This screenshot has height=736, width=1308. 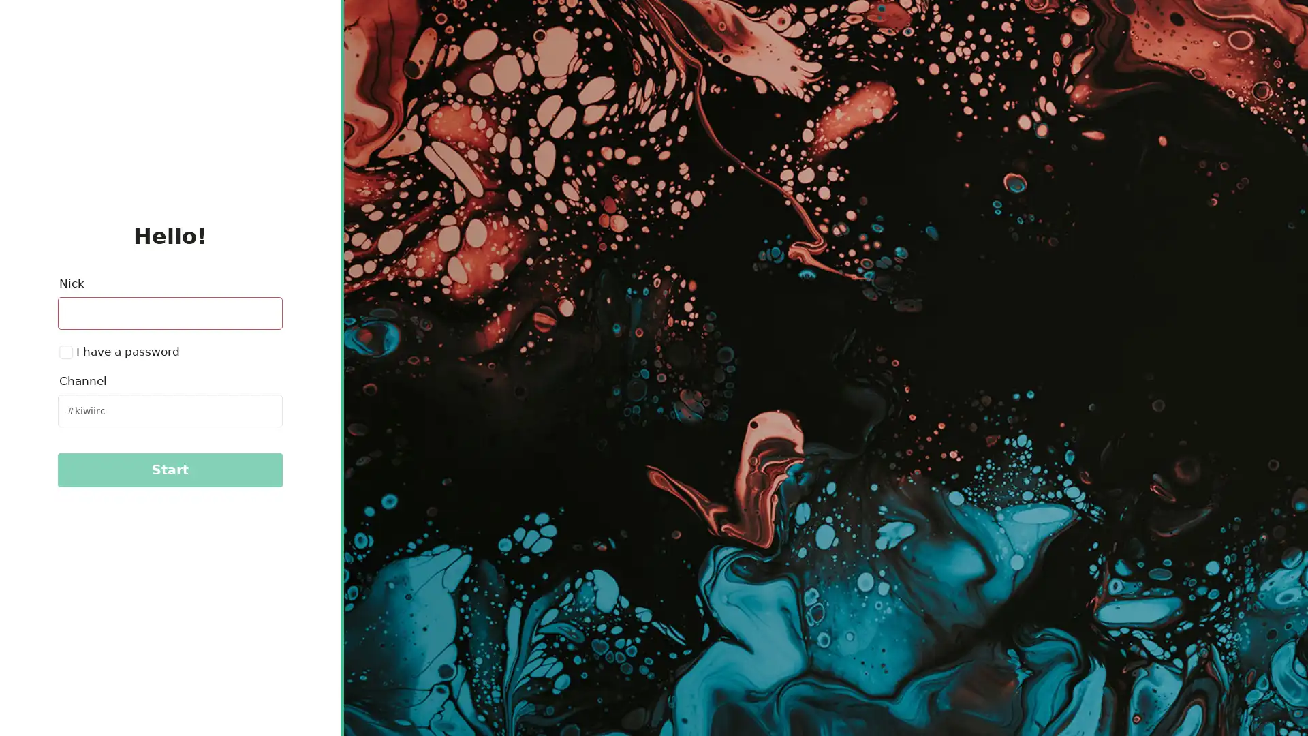 I want to click on Start, so click(x=169, y=469).